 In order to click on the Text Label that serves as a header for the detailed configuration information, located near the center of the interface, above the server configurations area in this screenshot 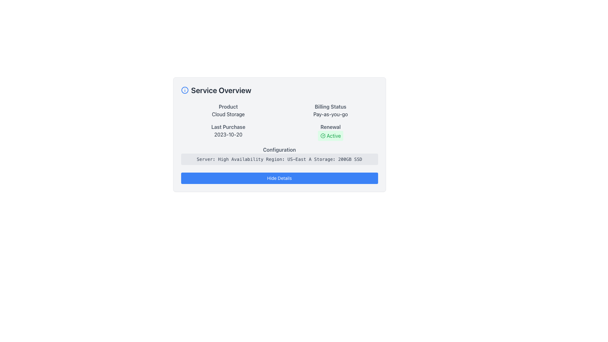, I will do `click(279, 150)`.